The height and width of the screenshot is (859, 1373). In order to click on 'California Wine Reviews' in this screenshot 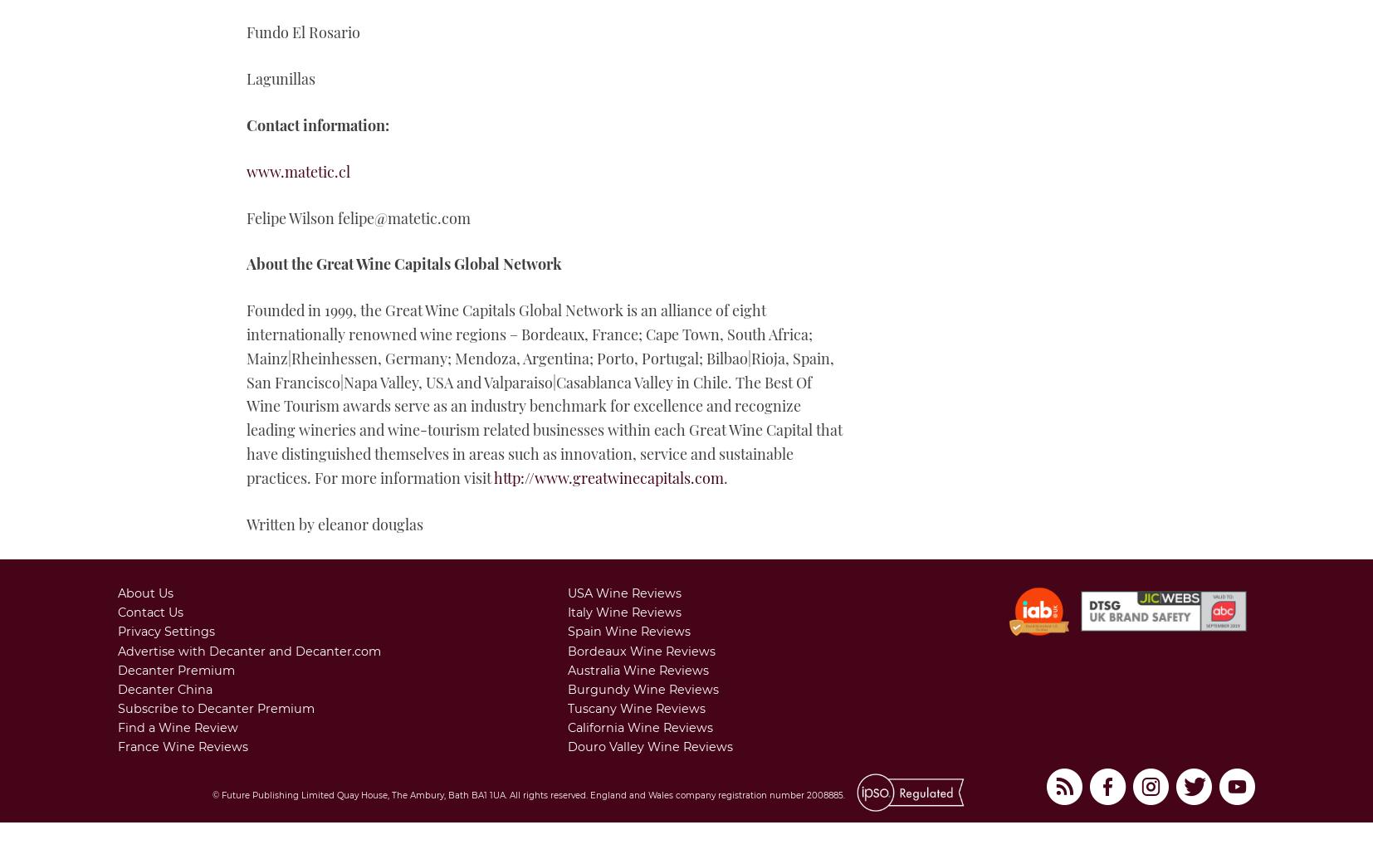, I will do `click(640, 726)`.